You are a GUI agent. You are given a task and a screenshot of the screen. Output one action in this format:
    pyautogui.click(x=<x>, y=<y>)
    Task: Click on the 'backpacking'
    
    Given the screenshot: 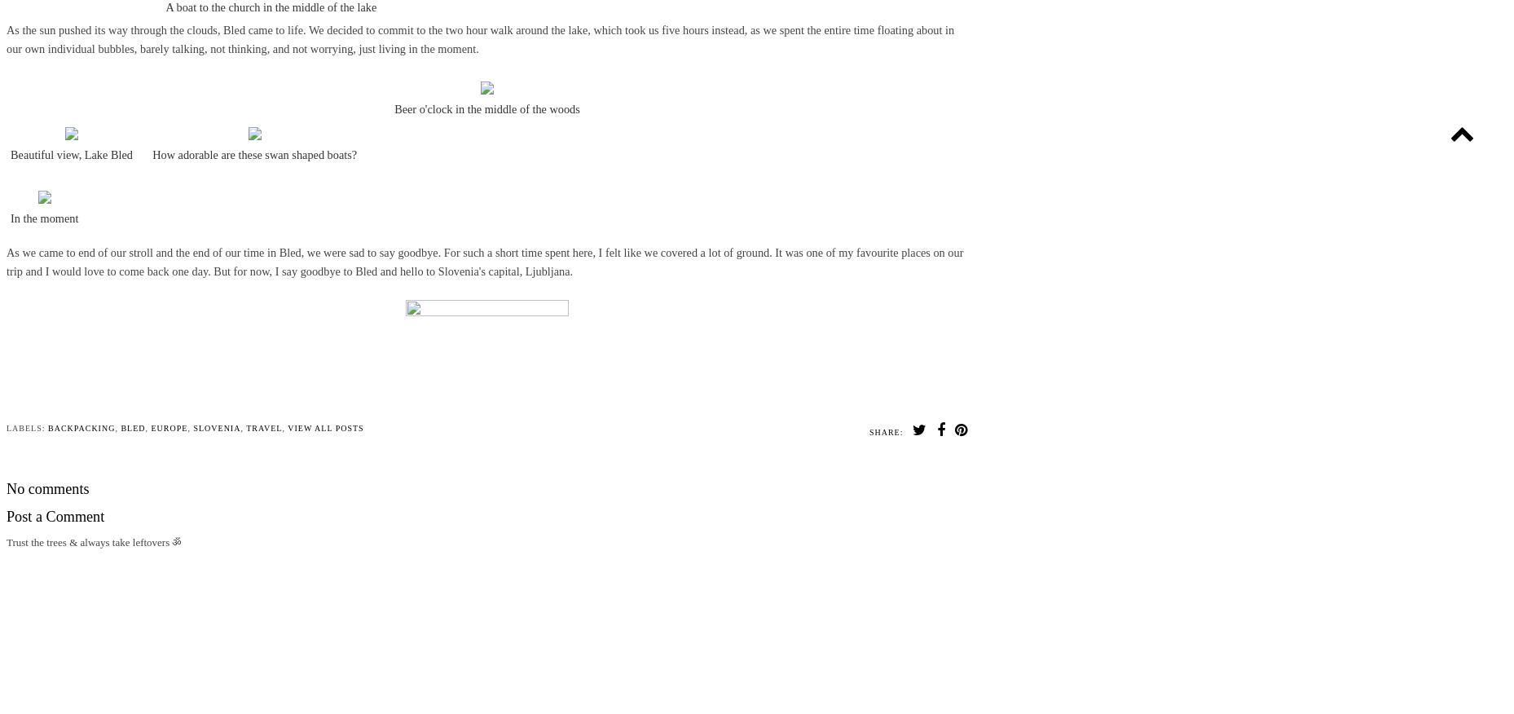 What is the action you would take?
    pyautogui.click(x=81, y=427)
    